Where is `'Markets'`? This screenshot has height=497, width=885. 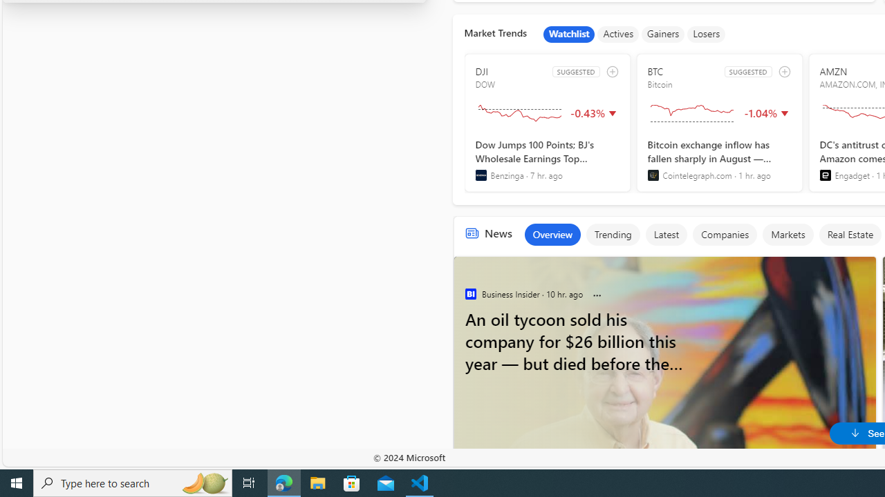 'Markets' is located at coordinates (788, 233).